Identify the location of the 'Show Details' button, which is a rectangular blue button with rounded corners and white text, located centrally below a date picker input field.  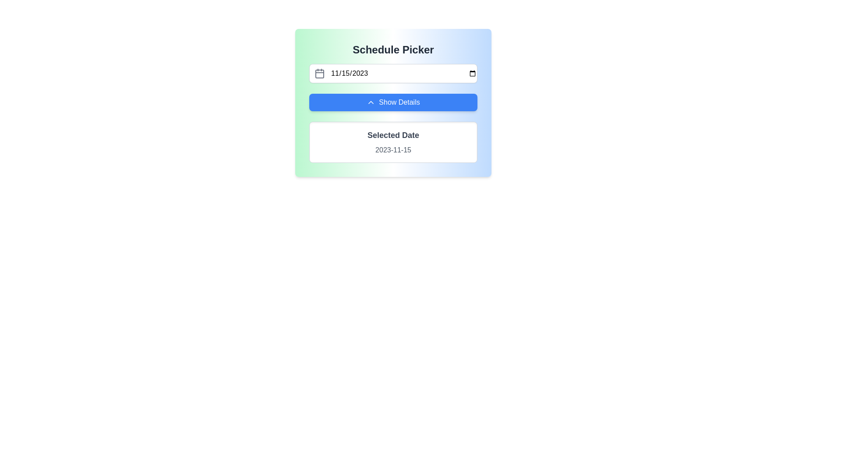
(392, 102).